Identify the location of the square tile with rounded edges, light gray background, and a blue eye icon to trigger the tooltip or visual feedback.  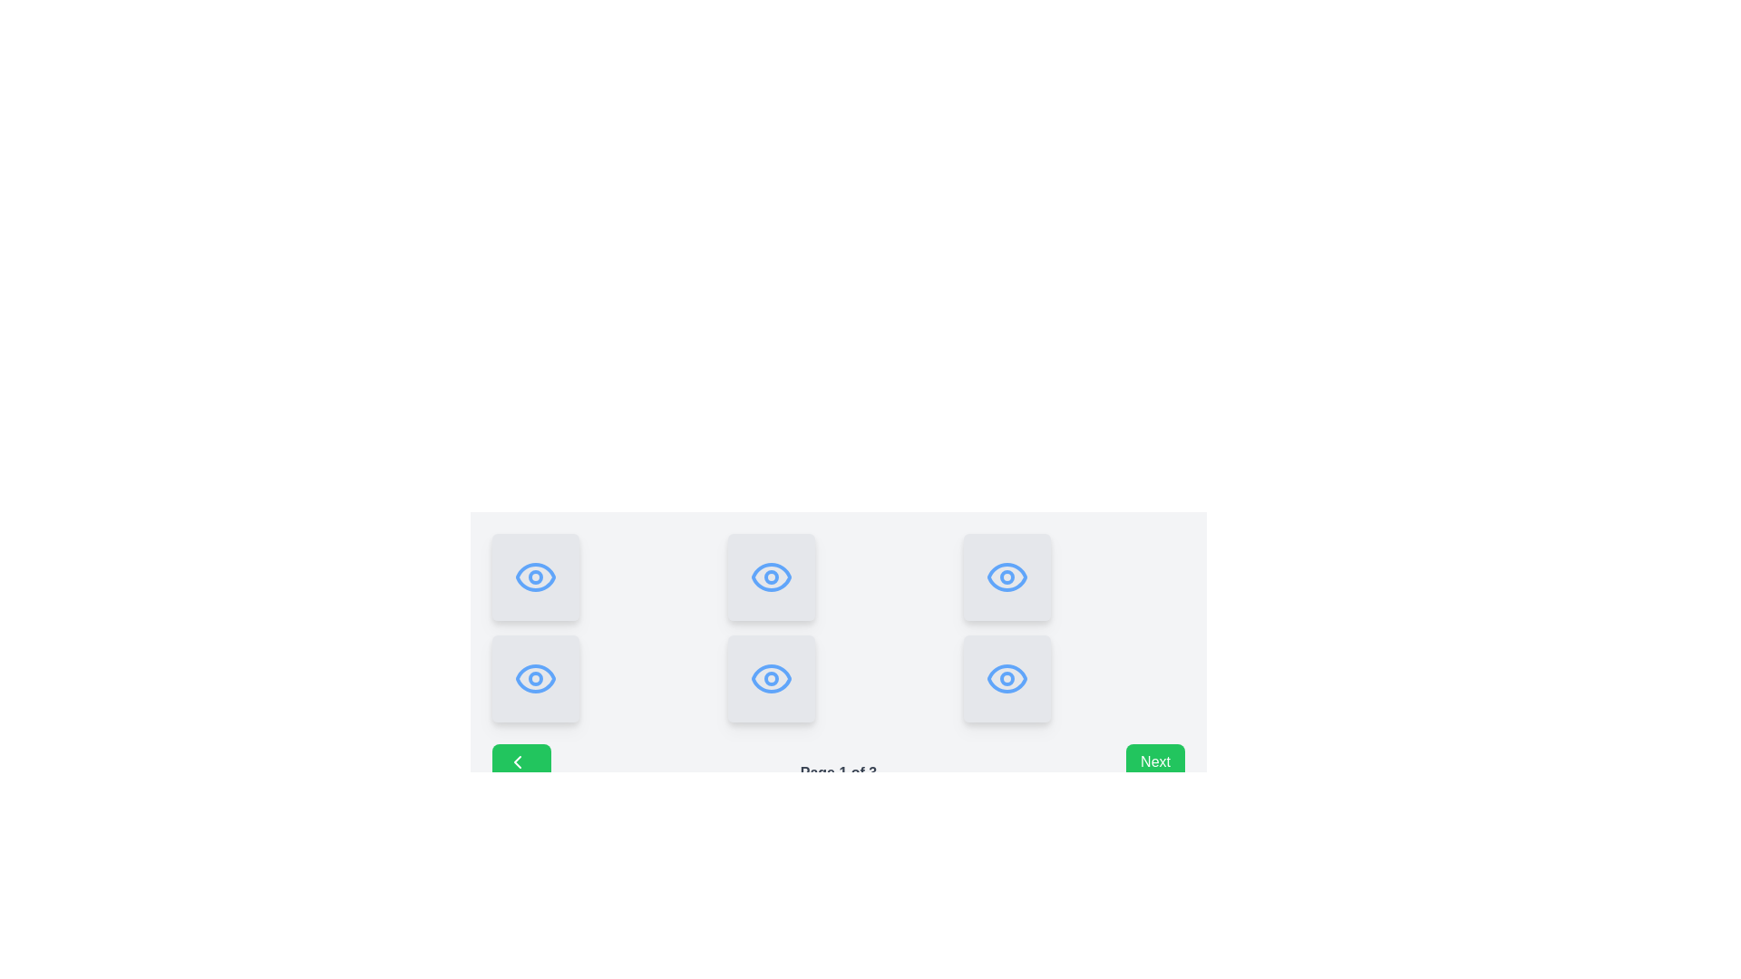
(1006, 577).